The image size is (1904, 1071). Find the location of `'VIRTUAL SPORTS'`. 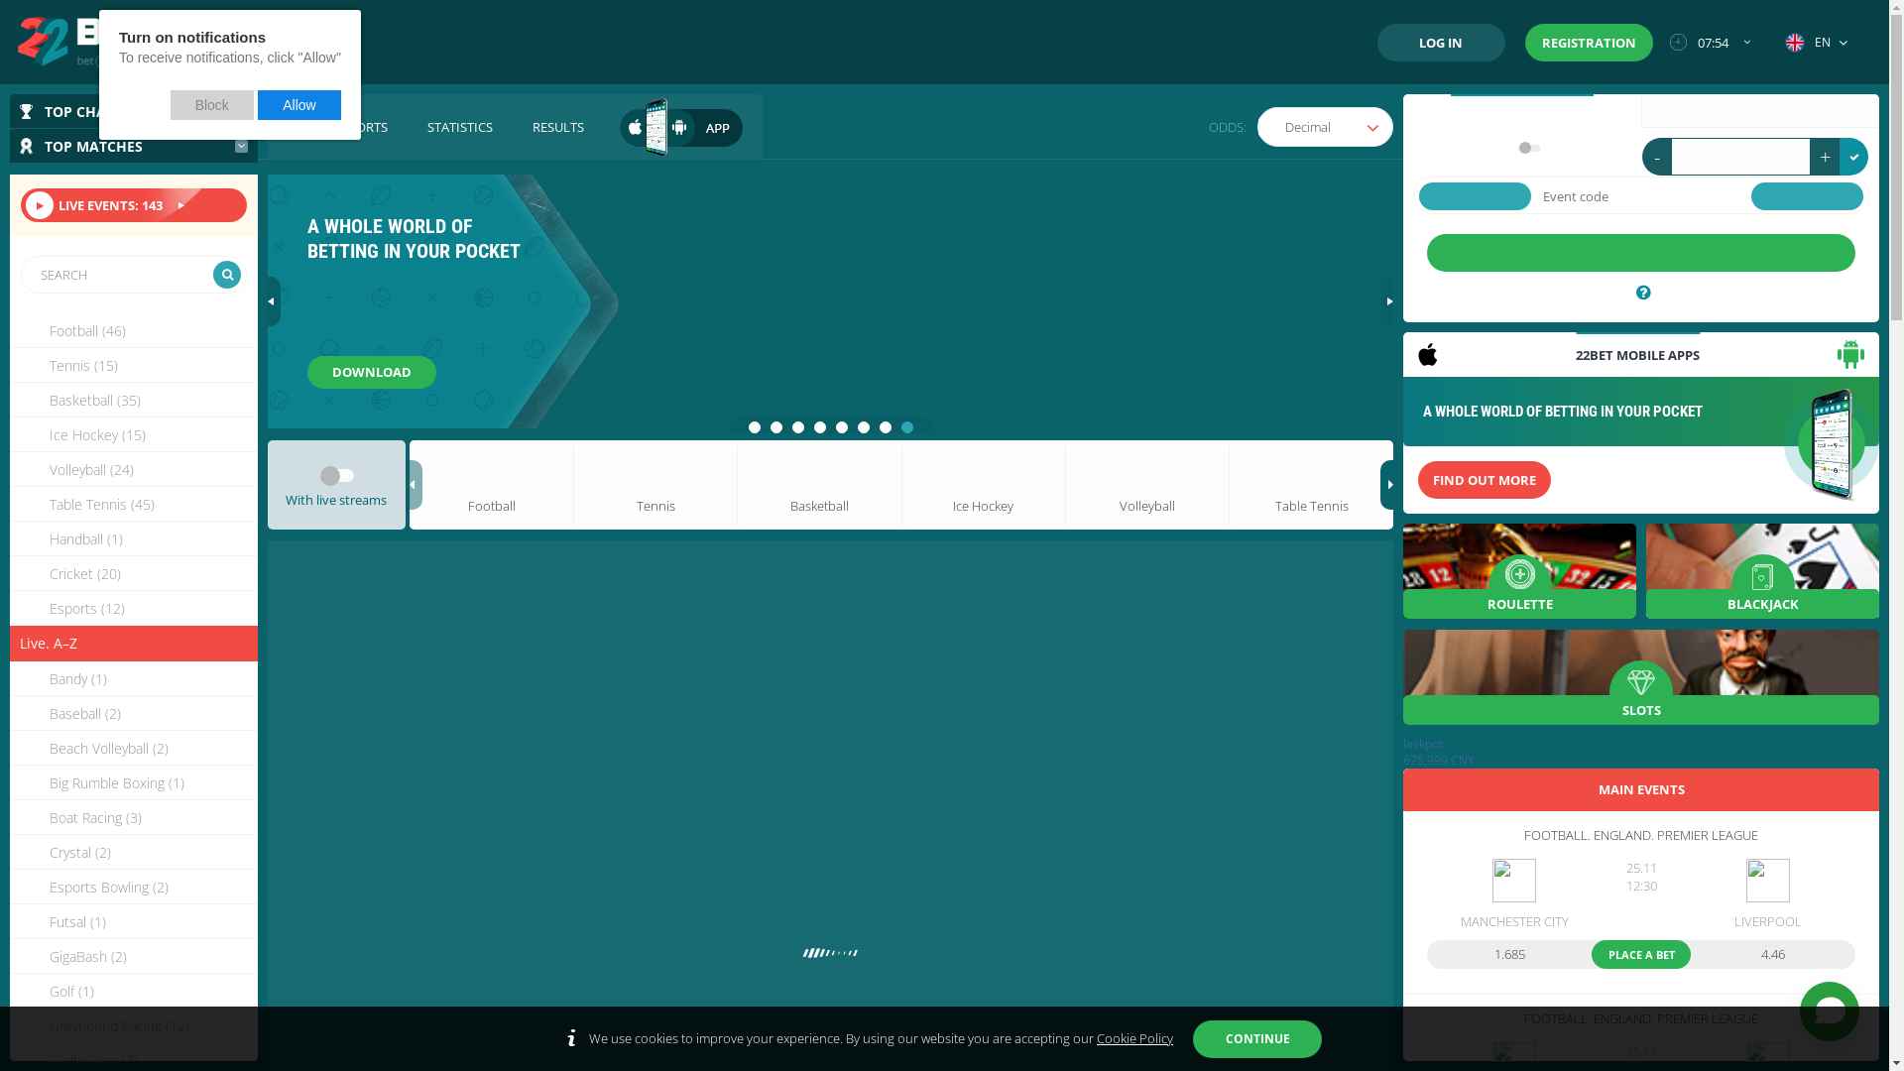

'VIRTUAL SPORTS' is located at coordinates (337, 126).